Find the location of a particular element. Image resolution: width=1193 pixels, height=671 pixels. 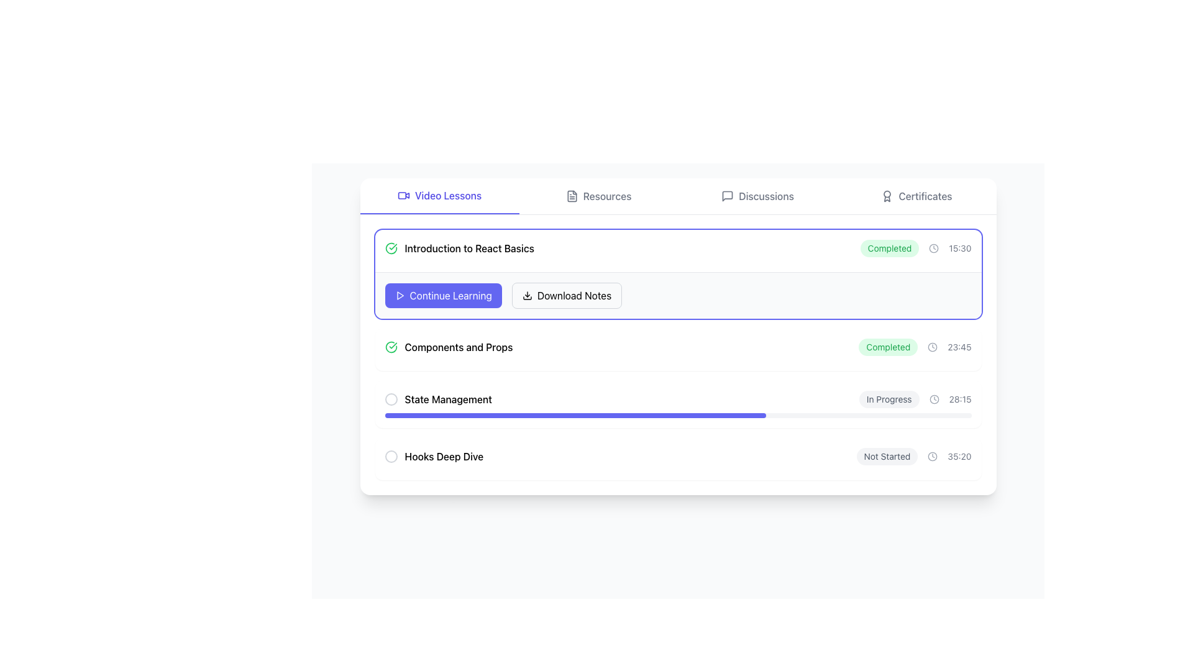

the decorative rectangular shape inside the video camera icon located in the top navigation bar, which represents the camera body is located at coordinates (402, 196).